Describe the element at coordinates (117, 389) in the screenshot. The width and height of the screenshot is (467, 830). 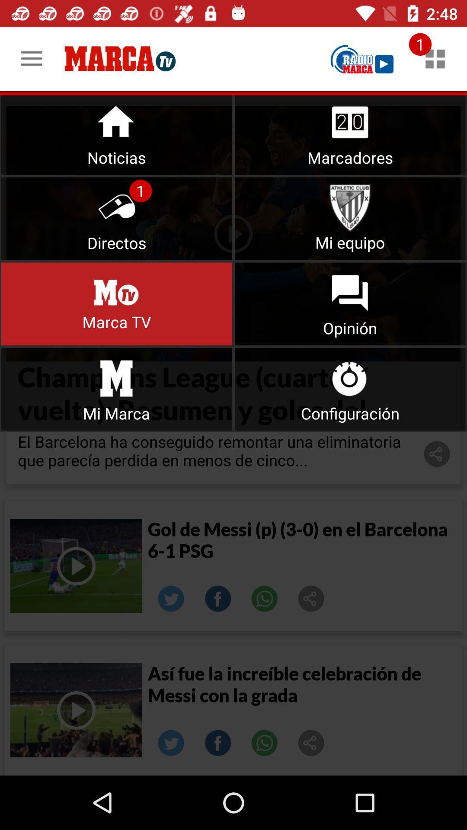
I see `click it` at that location.